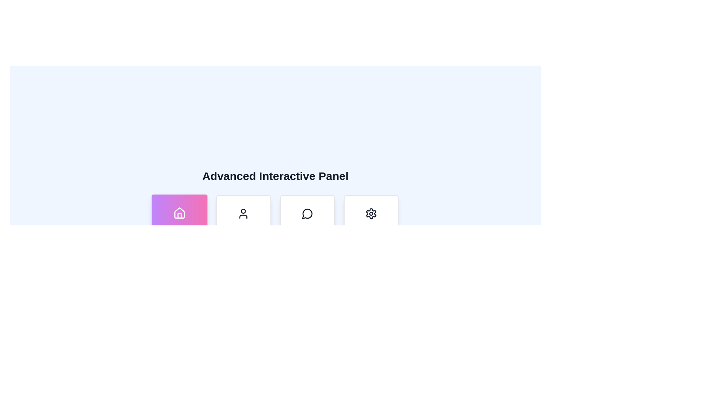 This screenshot has height=405, width=720. I want to click on the rectangular card with a centered gear icon located in the bottom-right portion of the grid, so click(371, 221).